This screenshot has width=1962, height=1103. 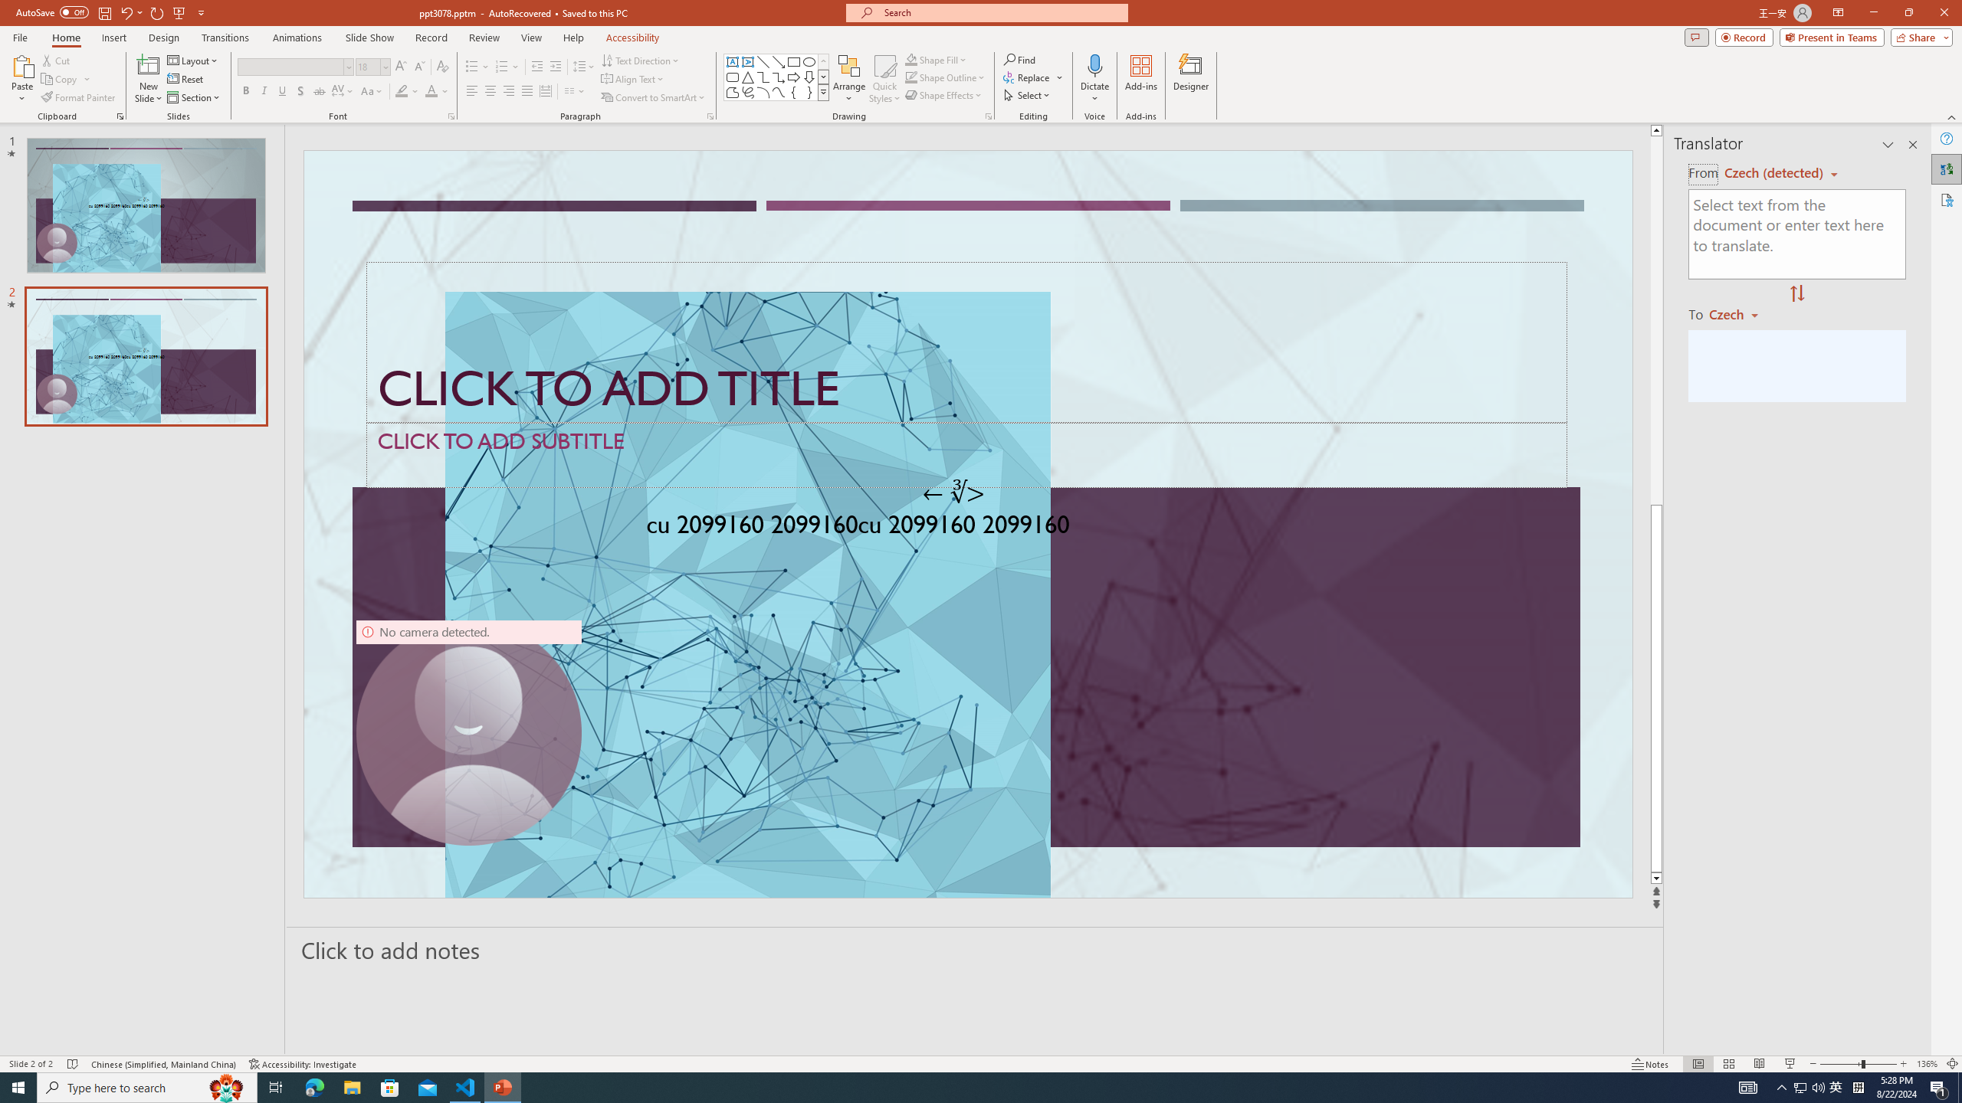 I want to click on 'TextBox 7', so click(x=953, y=493).